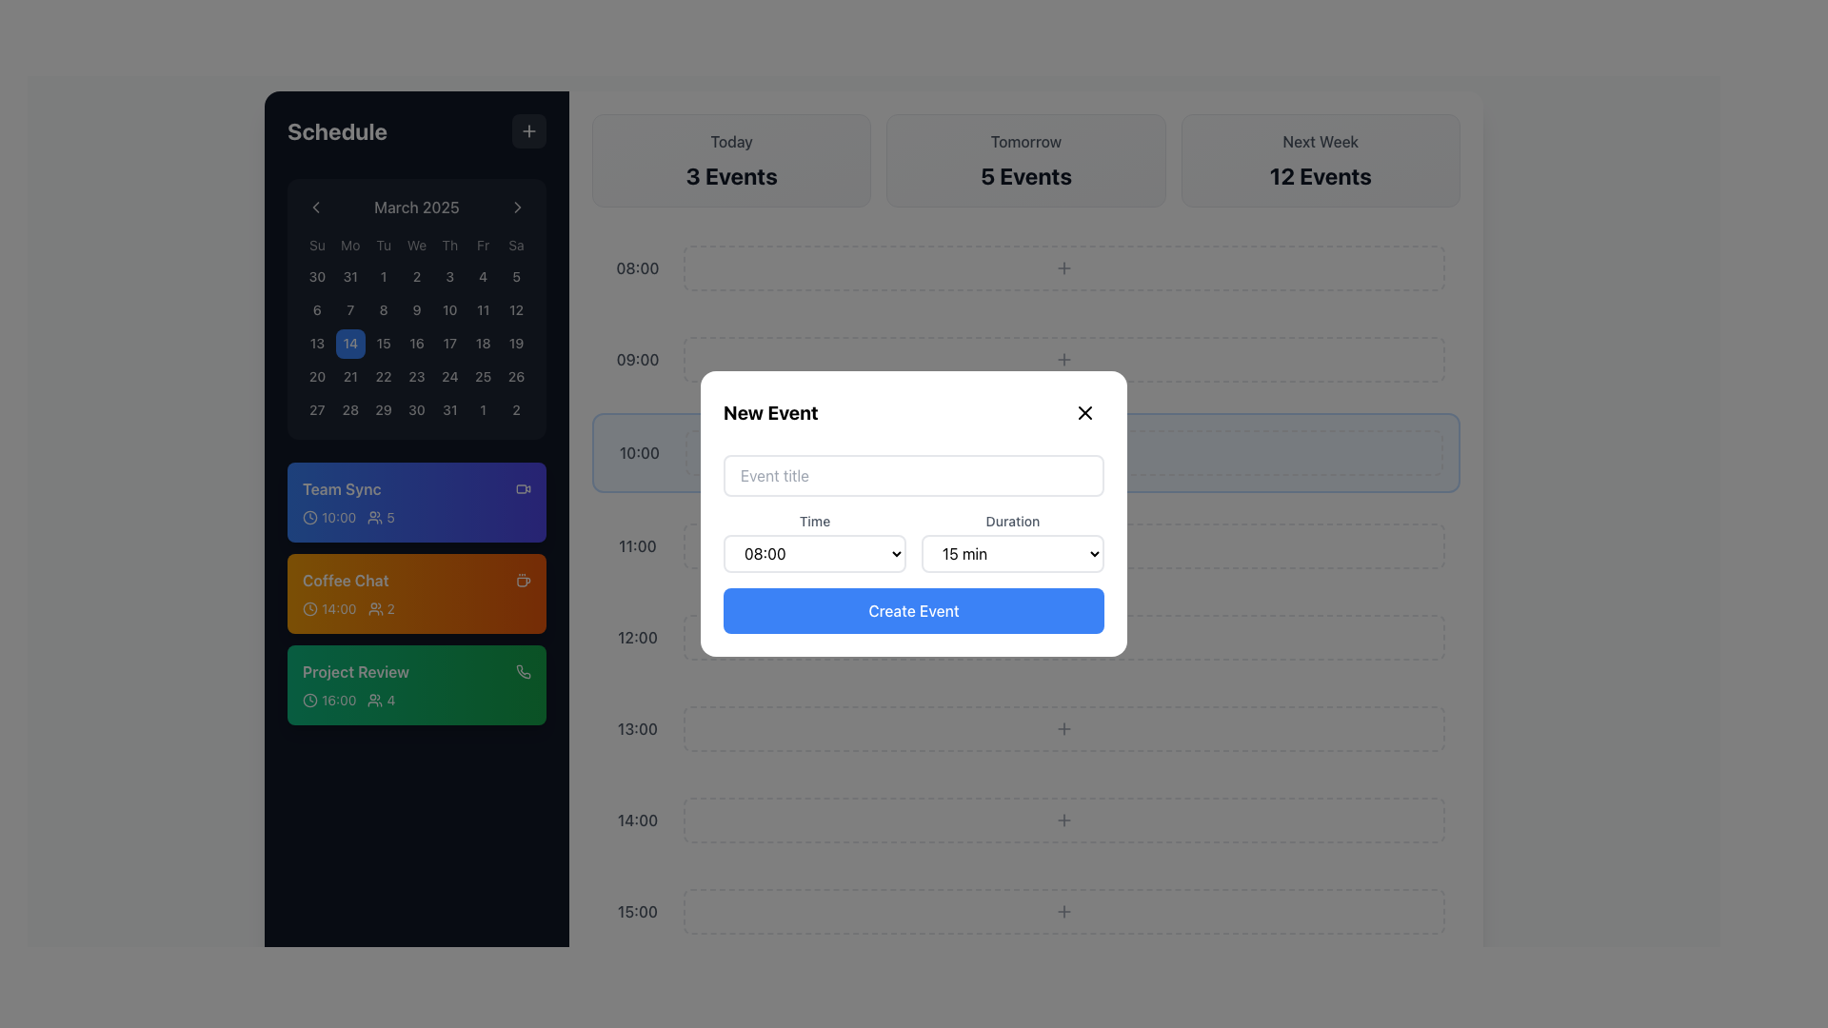  Describe the element at coordinates (914, 543) in the screenshot. I see `a duration from the 'Duration' dropdown menu in the horizontal group of dropdown menus located in the 'New Event' modal, positioned directly below the 'Event title' input field` at that location.